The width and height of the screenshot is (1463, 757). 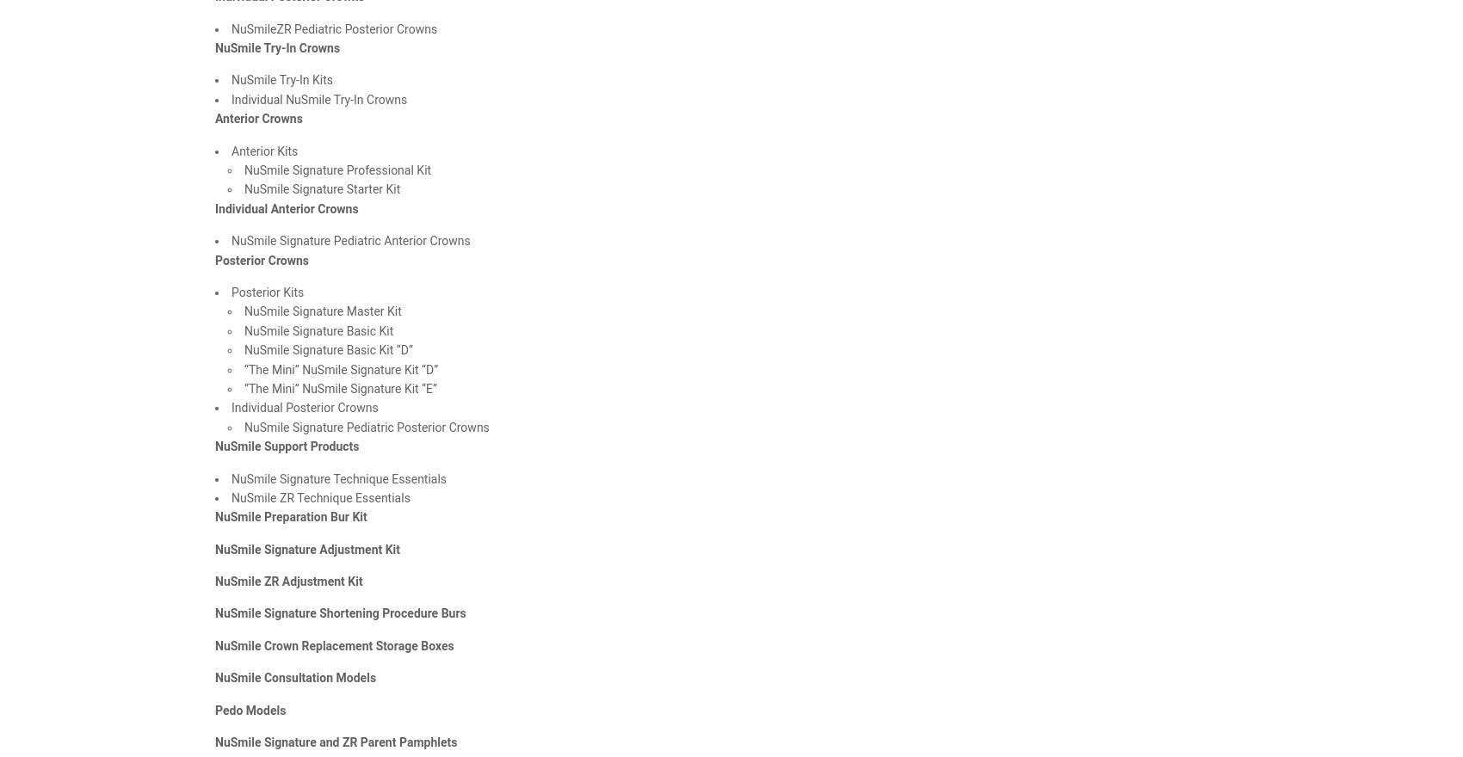 I want to click on 'NuSmile ZR Adjustment Kit', so click(x=287, y=581).